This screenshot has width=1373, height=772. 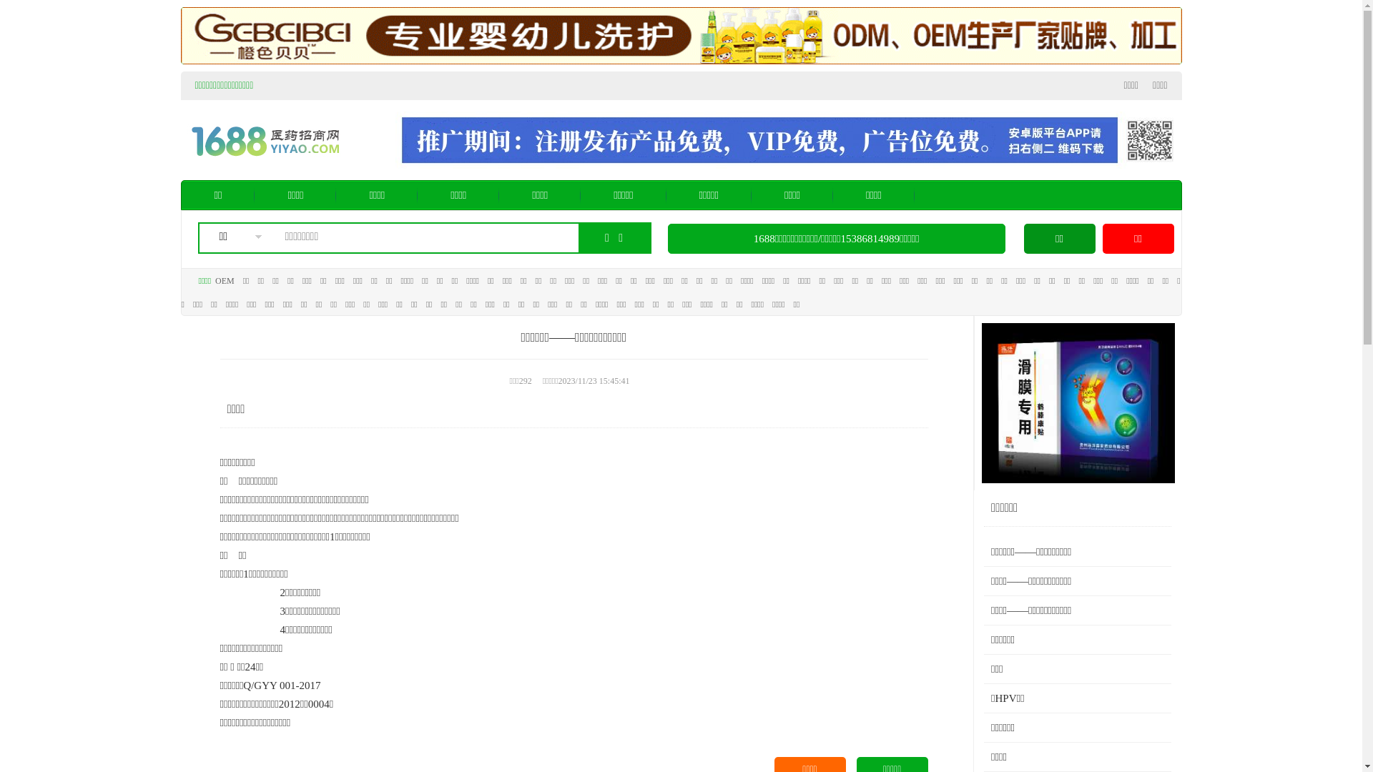 What do you see at coordinates (224, 281) in the screenshot?
I see `'OEM'` at bounding box center [224, 281].